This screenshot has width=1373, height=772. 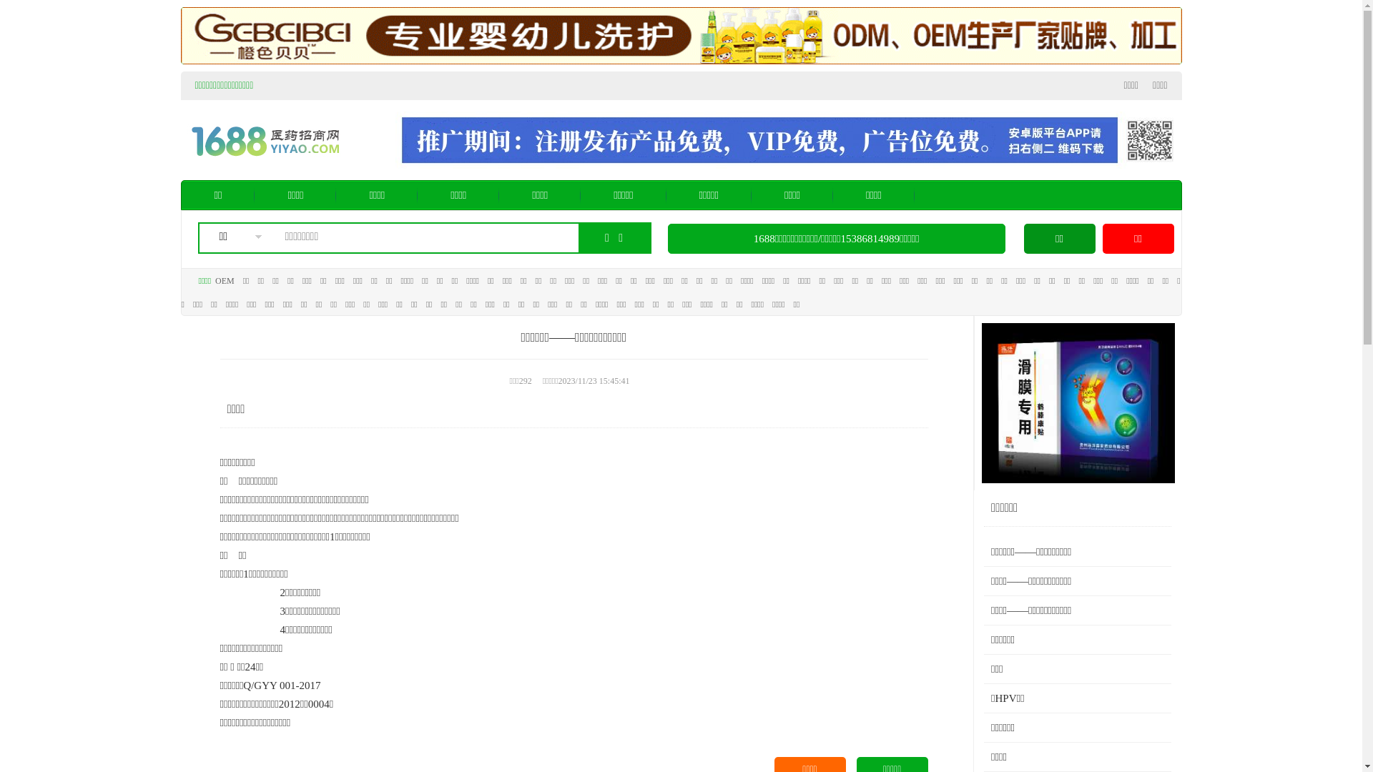 What do you see at coordinates (224, 281) in the screenshot?
I see `'OEM'` at bounding box center [224, 281].